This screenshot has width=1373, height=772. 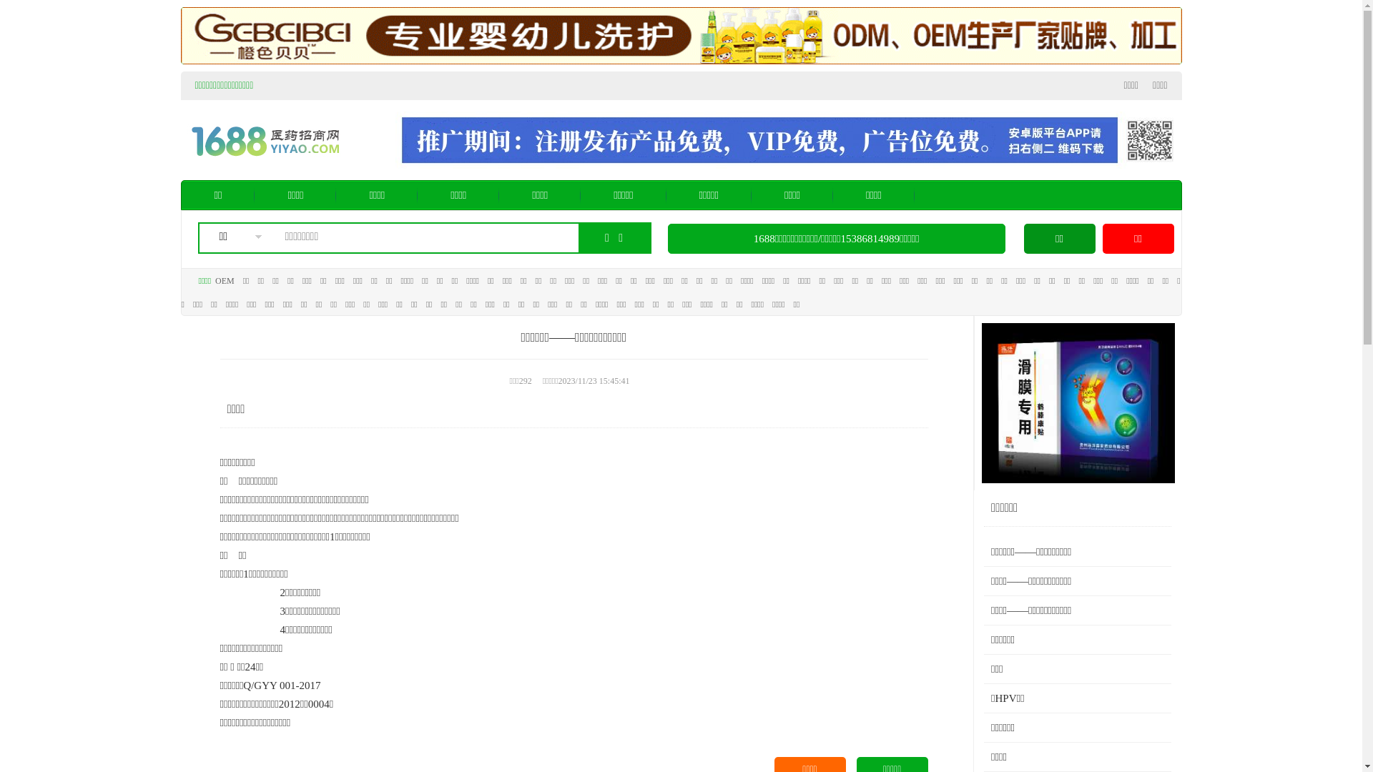 What do you see at coordinates (224, 281) in the screenshot?
I see `'OEM'` at bounding box center [224, 281].